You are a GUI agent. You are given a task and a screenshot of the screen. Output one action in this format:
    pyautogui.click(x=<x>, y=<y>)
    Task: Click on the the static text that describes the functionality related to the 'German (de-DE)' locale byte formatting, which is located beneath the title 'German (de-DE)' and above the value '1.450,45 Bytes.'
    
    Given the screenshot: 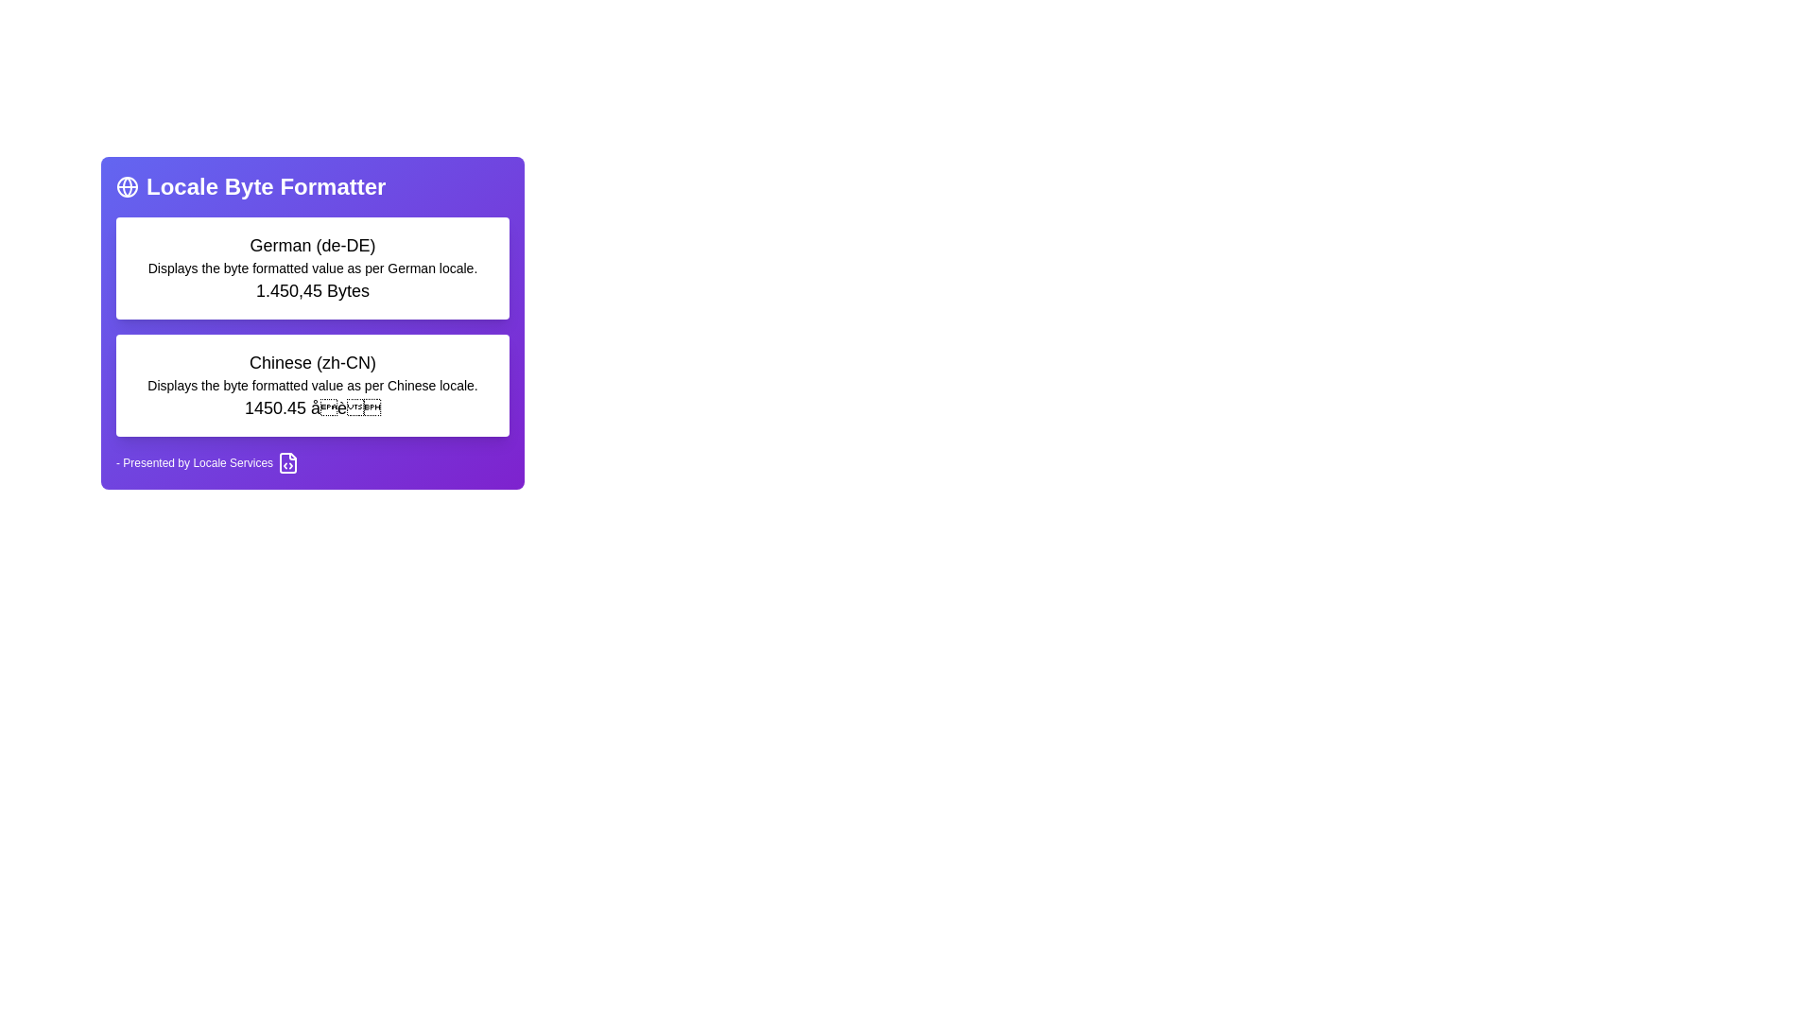 What is the action you would take?
    pyautogui.click(x=313, y=268)
    